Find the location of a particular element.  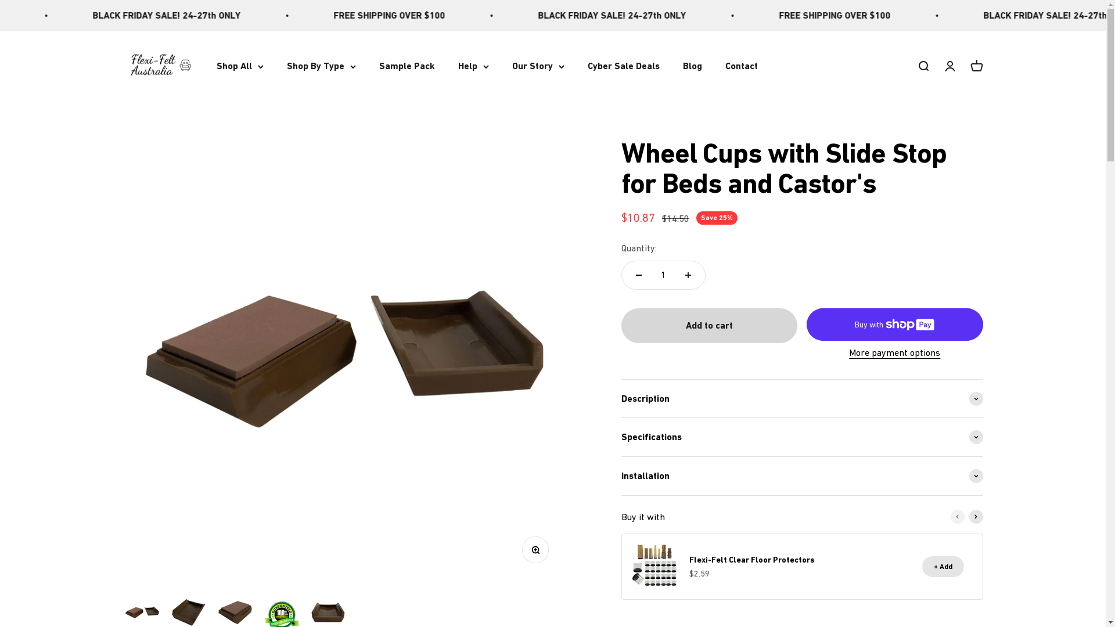

'Contact' is located at coordinates (724, 66).